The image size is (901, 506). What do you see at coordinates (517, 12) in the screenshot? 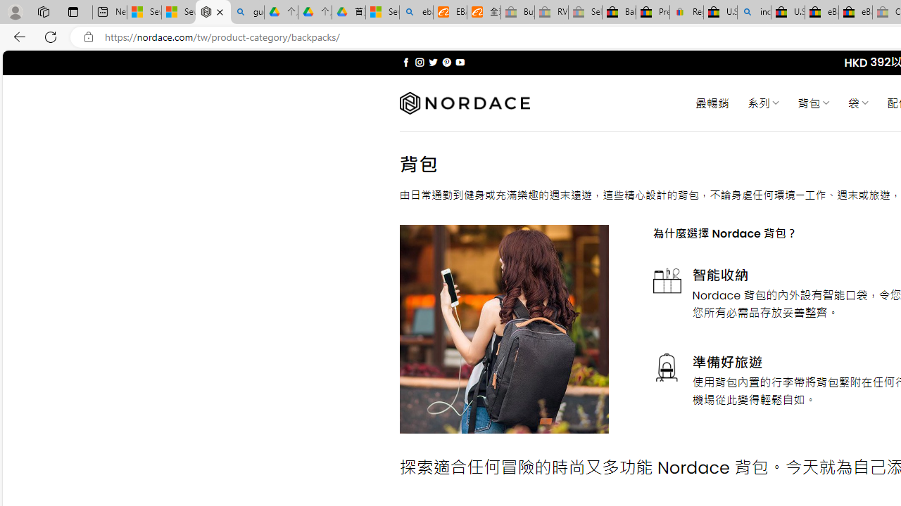
I see `'Buy Auto Parts & Accessories | eBay - Sleeping'` at bounding box center [517, 12].